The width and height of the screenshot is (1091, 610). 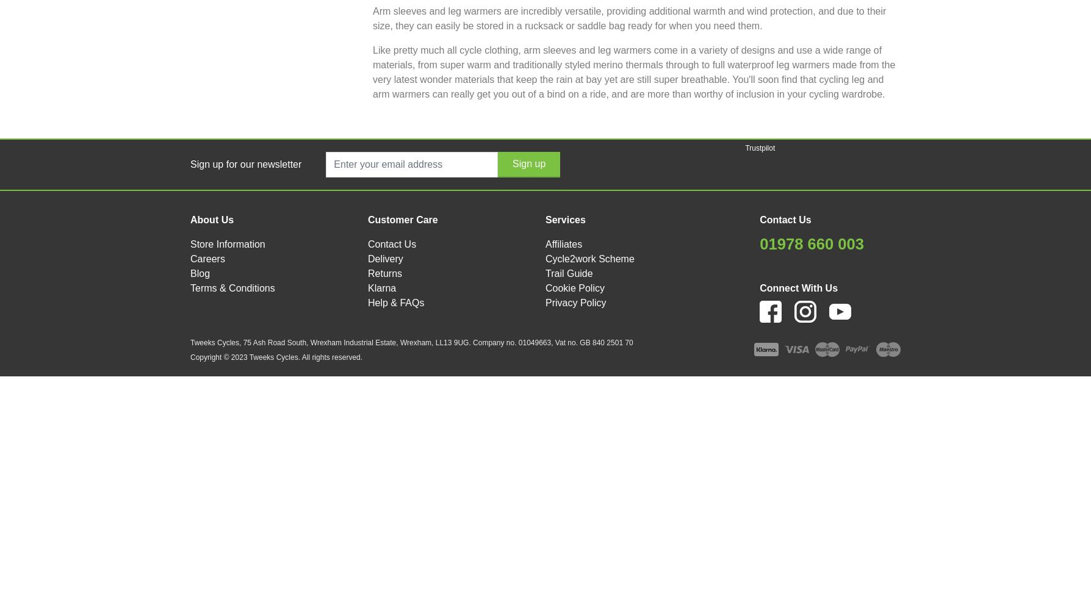 What do you see at coordinates (199, 272) in the screenshot?
I see `'Blog'` at bounding box center [199, 272].